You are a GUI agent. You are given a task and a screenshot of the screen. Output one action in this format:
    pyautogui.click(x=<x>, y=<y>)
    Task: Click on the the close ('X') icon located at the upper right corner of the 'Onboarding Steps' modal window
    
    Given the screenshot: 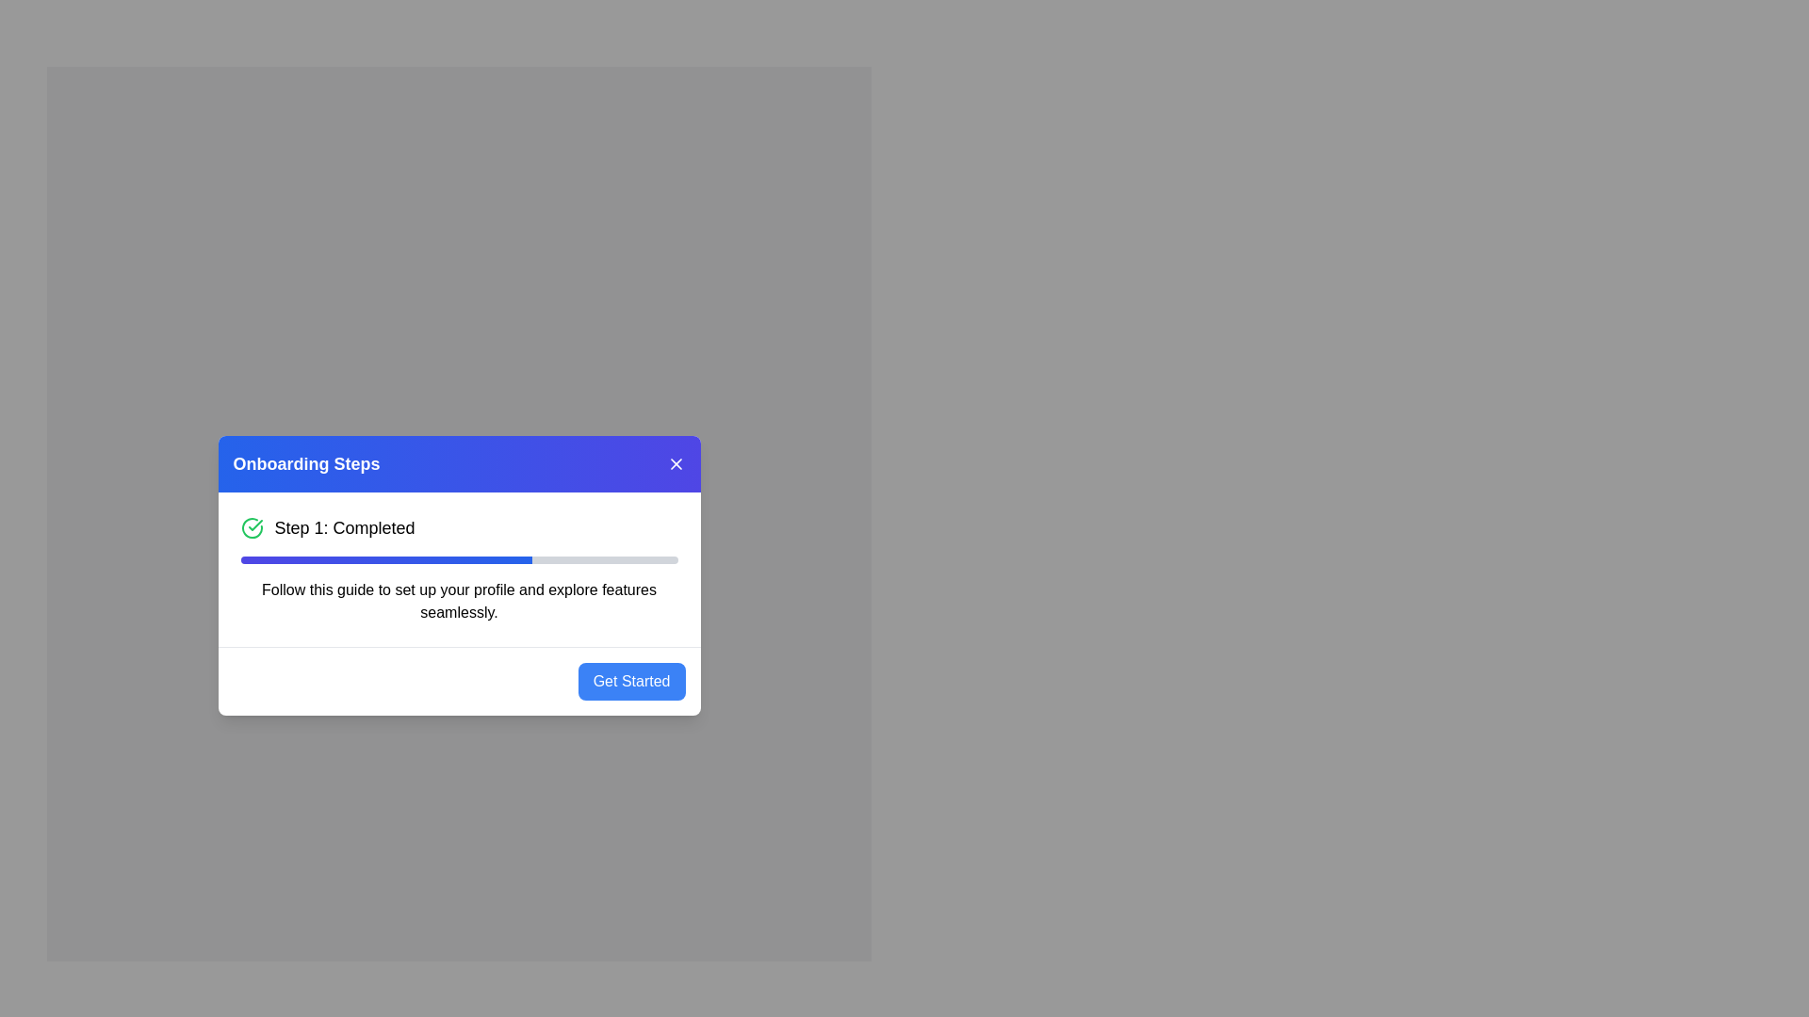 What is the action you would take?
    pyautogui.click(x=676, y=463)
    